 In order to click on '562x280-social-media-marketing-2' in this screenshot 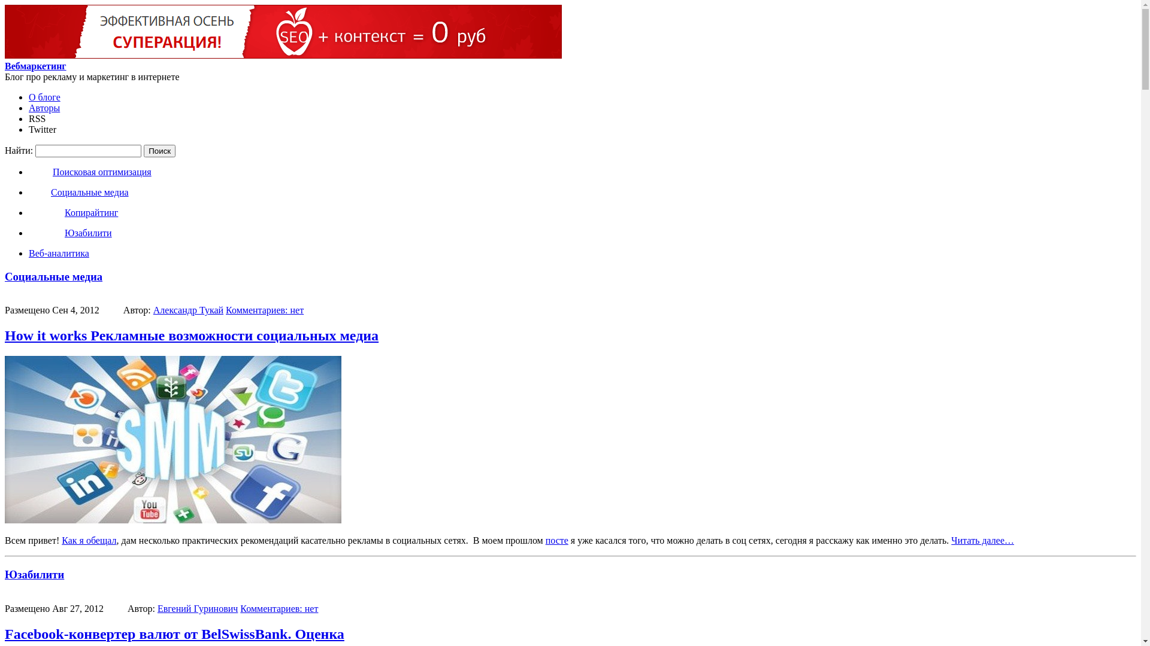, I will do `click(172, 440)`.